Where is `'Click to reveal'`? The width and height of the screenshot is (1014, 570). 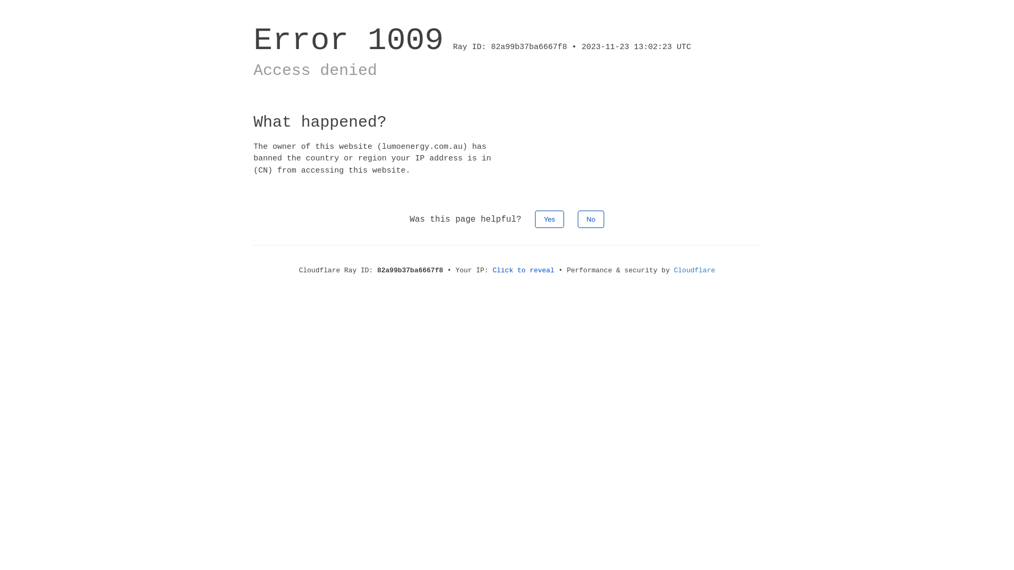 'Click to reveal' is located at coordinates (523, 270).